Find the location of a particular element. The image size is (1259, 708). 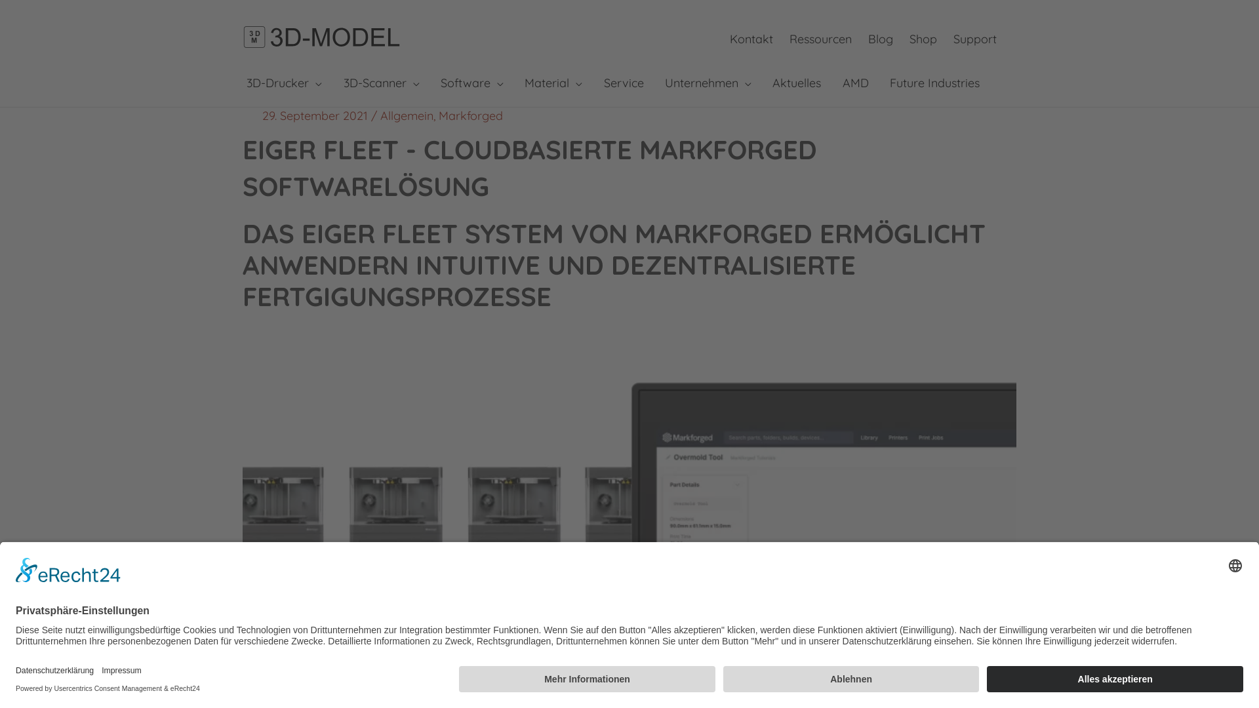

'3D-Scanner' is located at coordinates (380, 83).